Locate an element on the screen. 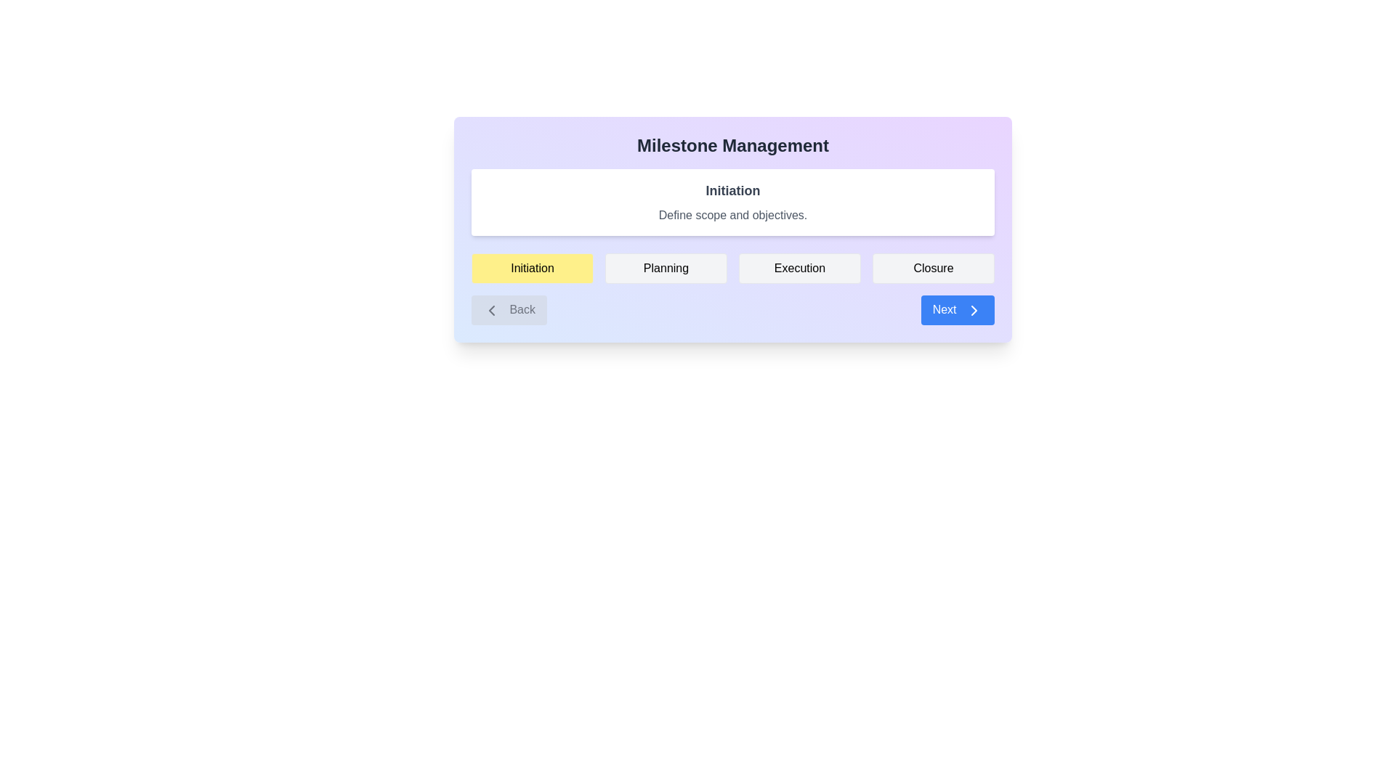 The height and width of the screenshot is (784, 1395). bold text label that says 'Initiation', which is styled with a large font and dark gray color, located at the center of the white rectangular section below the 'Milestone Management' title is located at coordinates (732, 189).